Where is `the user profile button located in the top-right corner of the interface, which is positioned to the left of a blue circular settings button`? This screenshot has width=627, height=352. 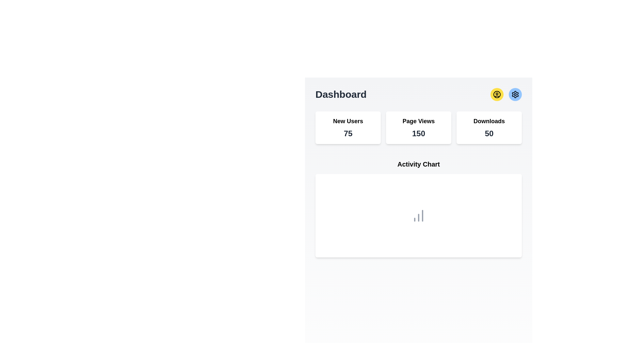
the user profile button located in the top-right corner of the interface, which is positioned to the left of a blue circular settings button is located at coordinates (496, 94).